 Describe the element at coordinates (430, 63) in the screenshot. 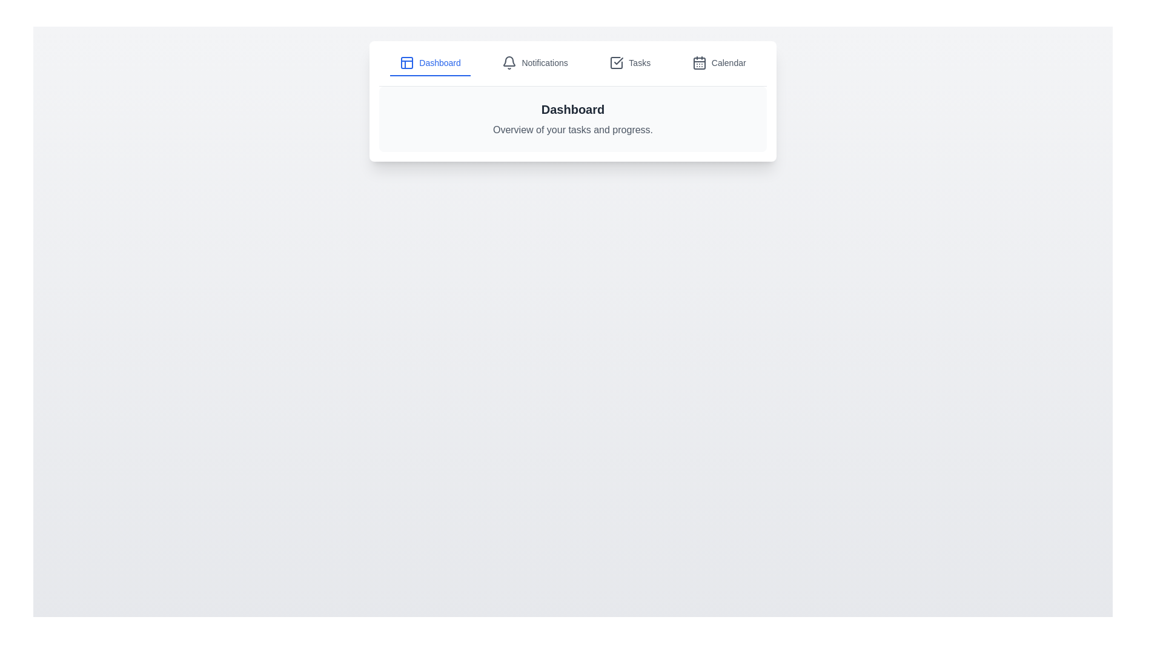

I see `the currently active tab to confirm its content is displayed` at that location.